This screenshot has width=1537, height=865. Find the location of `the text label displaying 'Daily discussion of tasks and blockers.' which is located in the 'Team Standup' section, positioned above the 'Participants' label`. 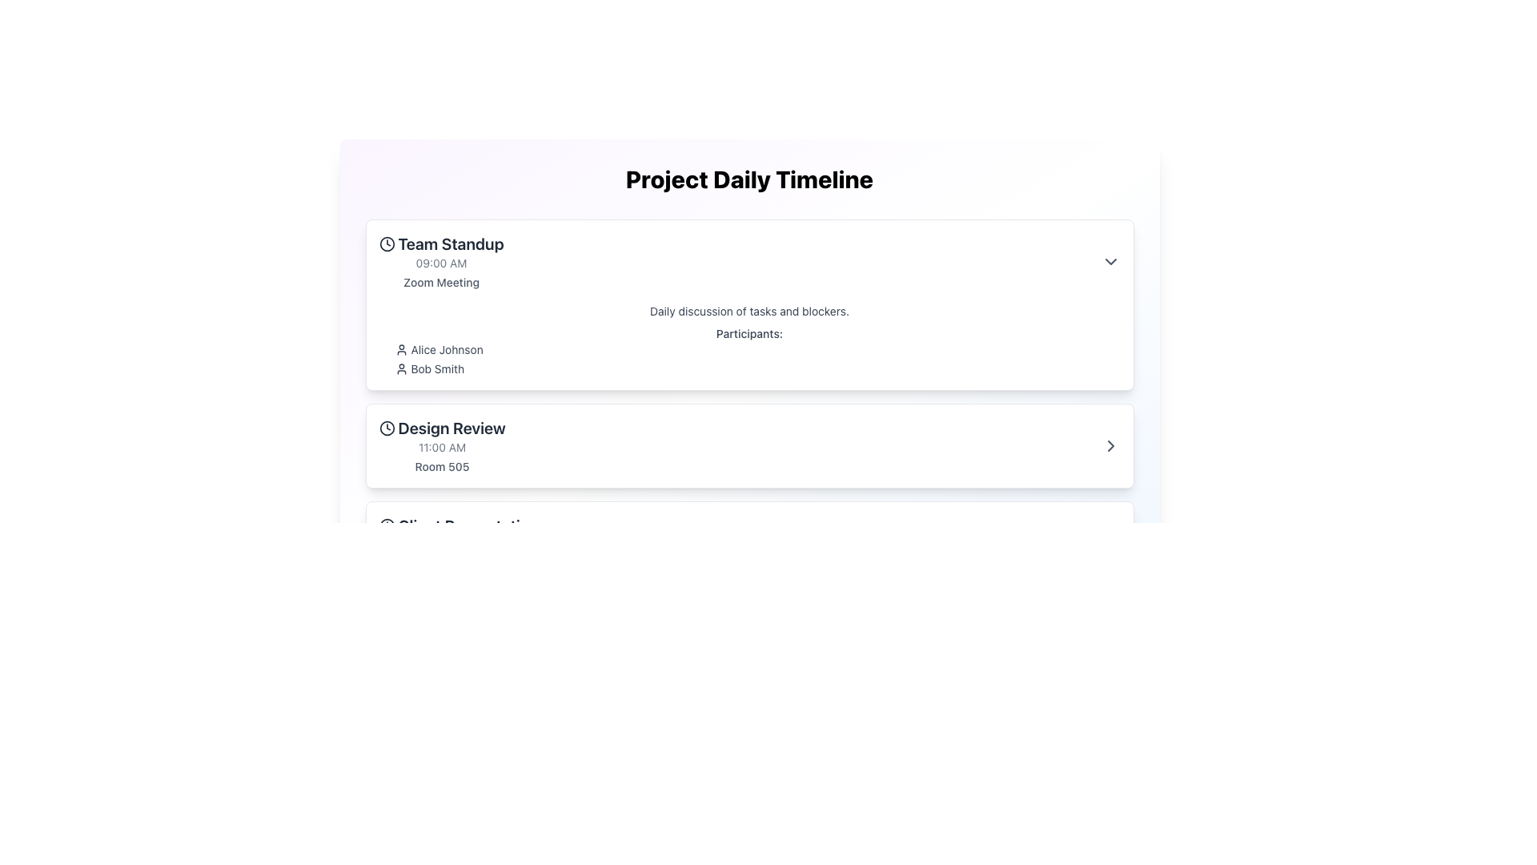

the text label displaying 'Daily discussion of tasks and blockers.' which is located in the 'Team Standup' section, positioned above the 'Participants' label is located at coordinates (748, 312).